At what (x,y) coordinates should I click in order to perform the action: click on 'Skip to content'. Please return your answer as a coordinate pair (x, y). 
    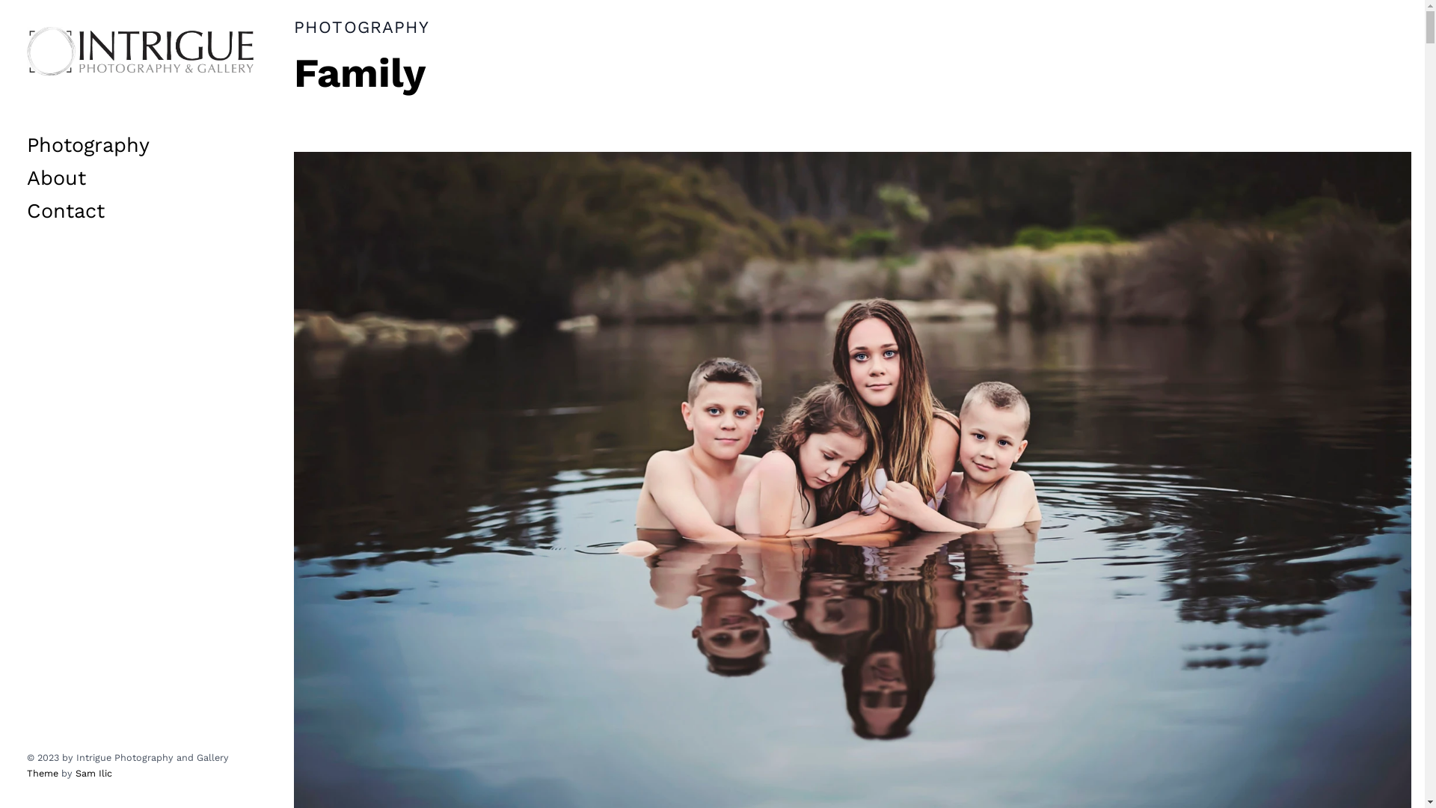
    Looking at the image, I should click on (53, 52).